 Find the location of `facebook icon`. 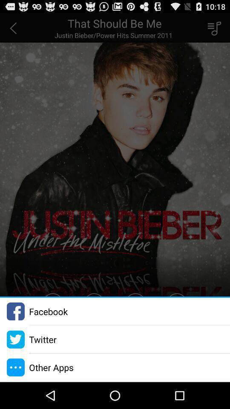

facebook icon is located at coordinates (48, 311).